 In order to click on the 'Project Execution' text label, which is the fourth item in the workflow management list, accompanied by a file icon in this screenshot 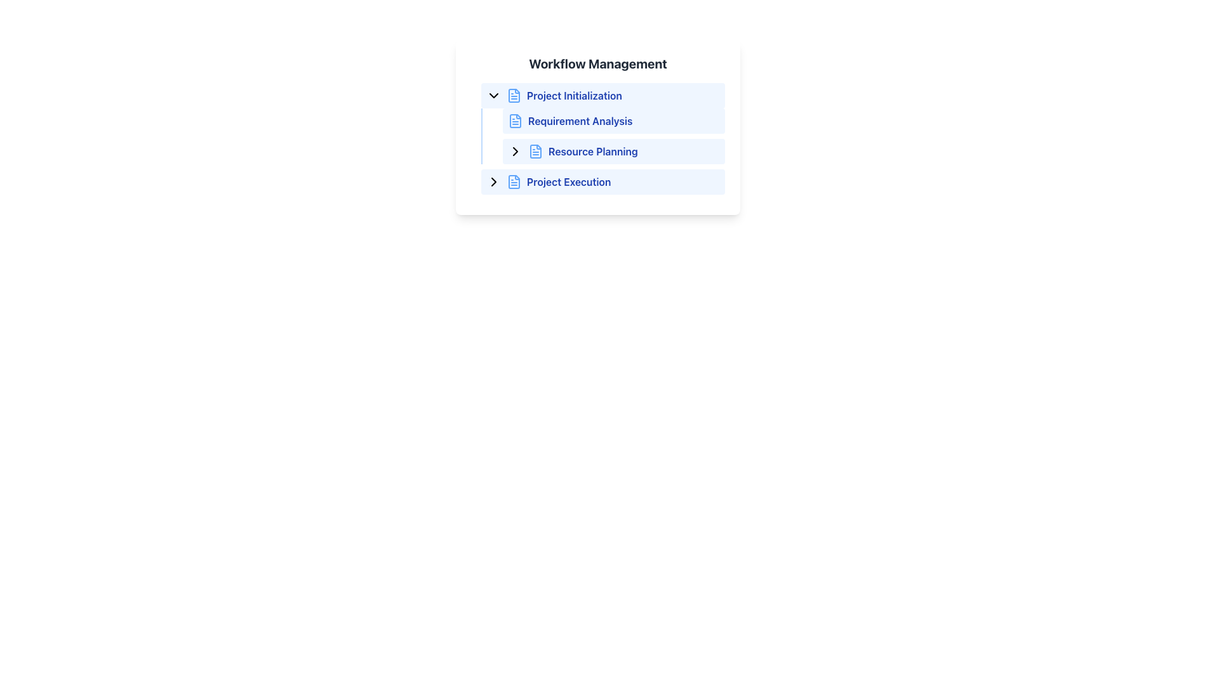, I will do `click(568, 181)`.